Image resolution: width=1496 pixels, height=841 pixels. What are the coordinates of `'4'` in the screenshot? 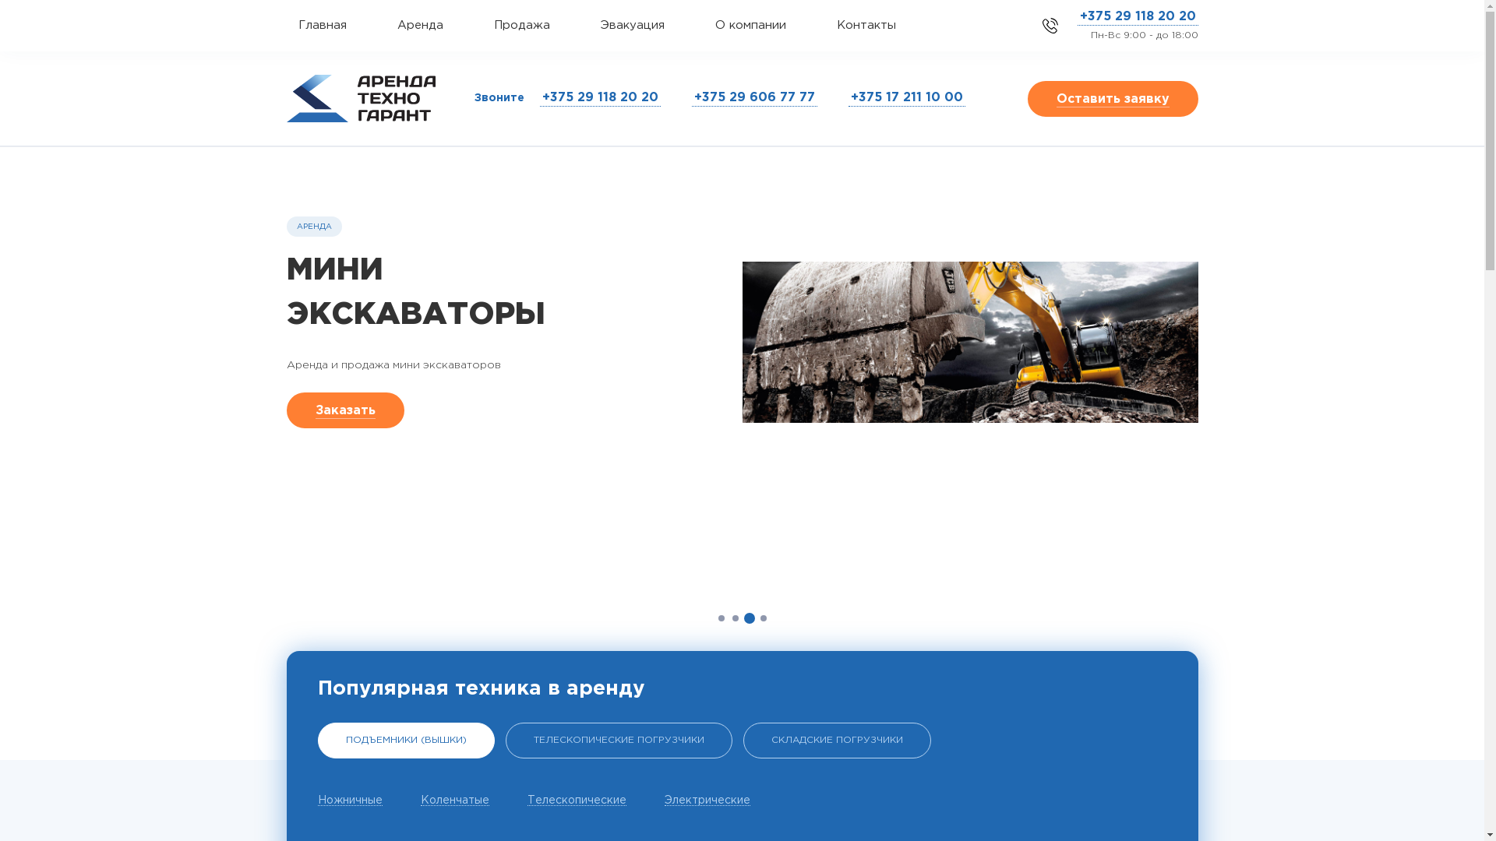 It's located at (763, 618).